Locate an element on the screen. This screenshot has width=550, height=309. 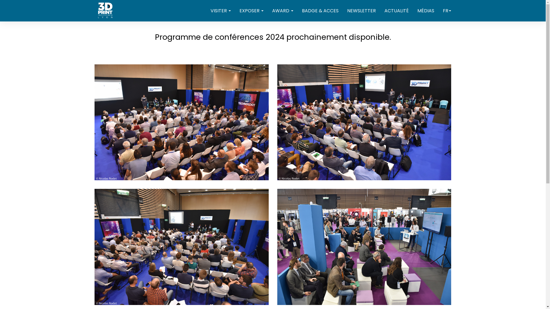
'AWARD' is located at coordinates (283, 11).